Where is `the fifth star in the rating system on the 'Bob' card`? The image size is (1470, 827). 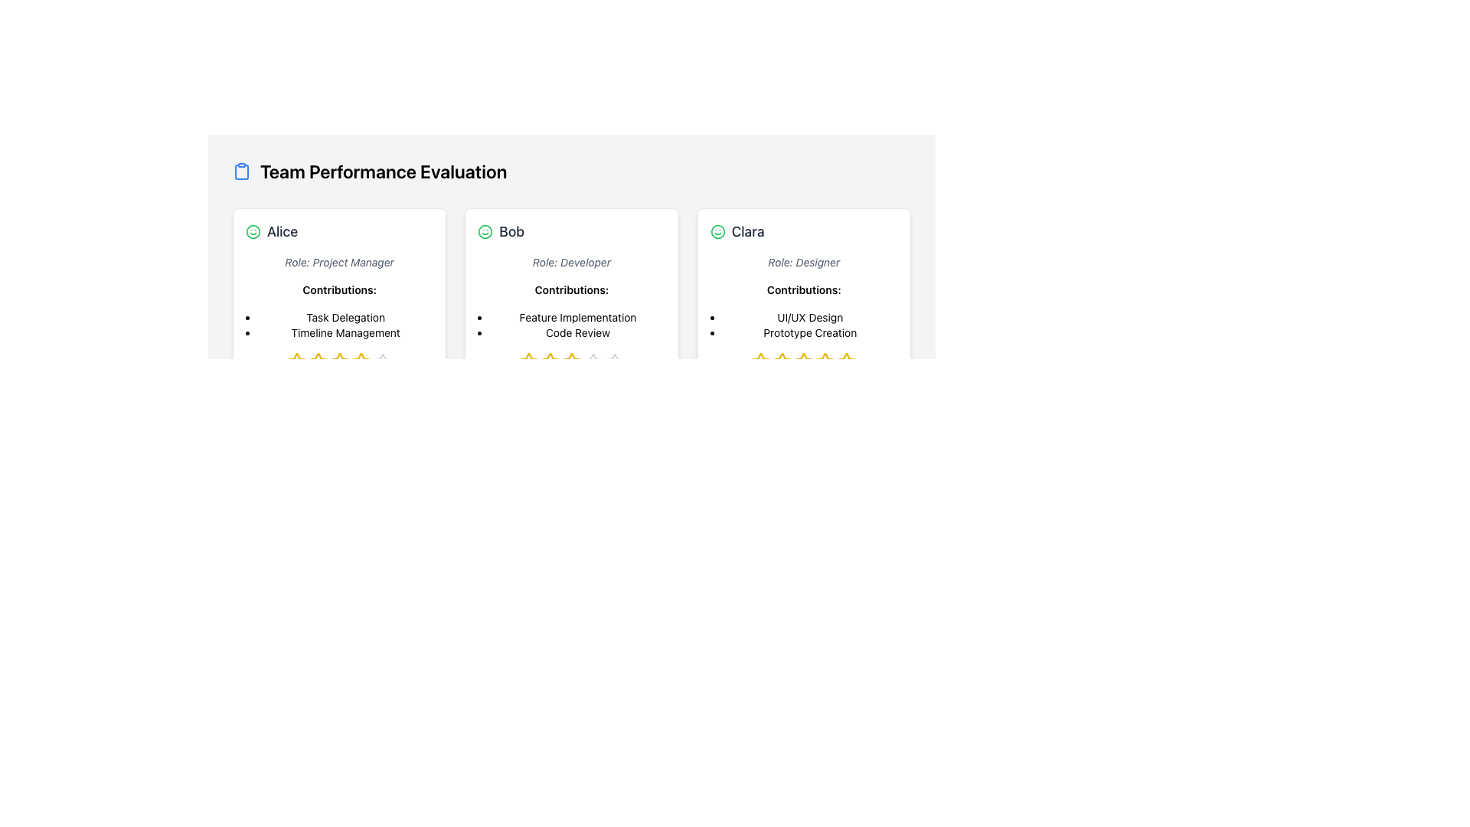 the fifth star in the rating system on the 'Bob' card is located at coordinates (614, 362).